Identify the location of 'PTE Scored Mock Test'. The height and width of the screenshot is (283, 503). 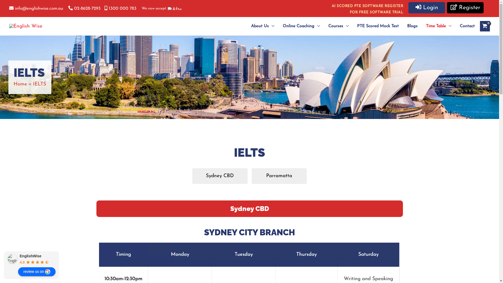
(378, 26).